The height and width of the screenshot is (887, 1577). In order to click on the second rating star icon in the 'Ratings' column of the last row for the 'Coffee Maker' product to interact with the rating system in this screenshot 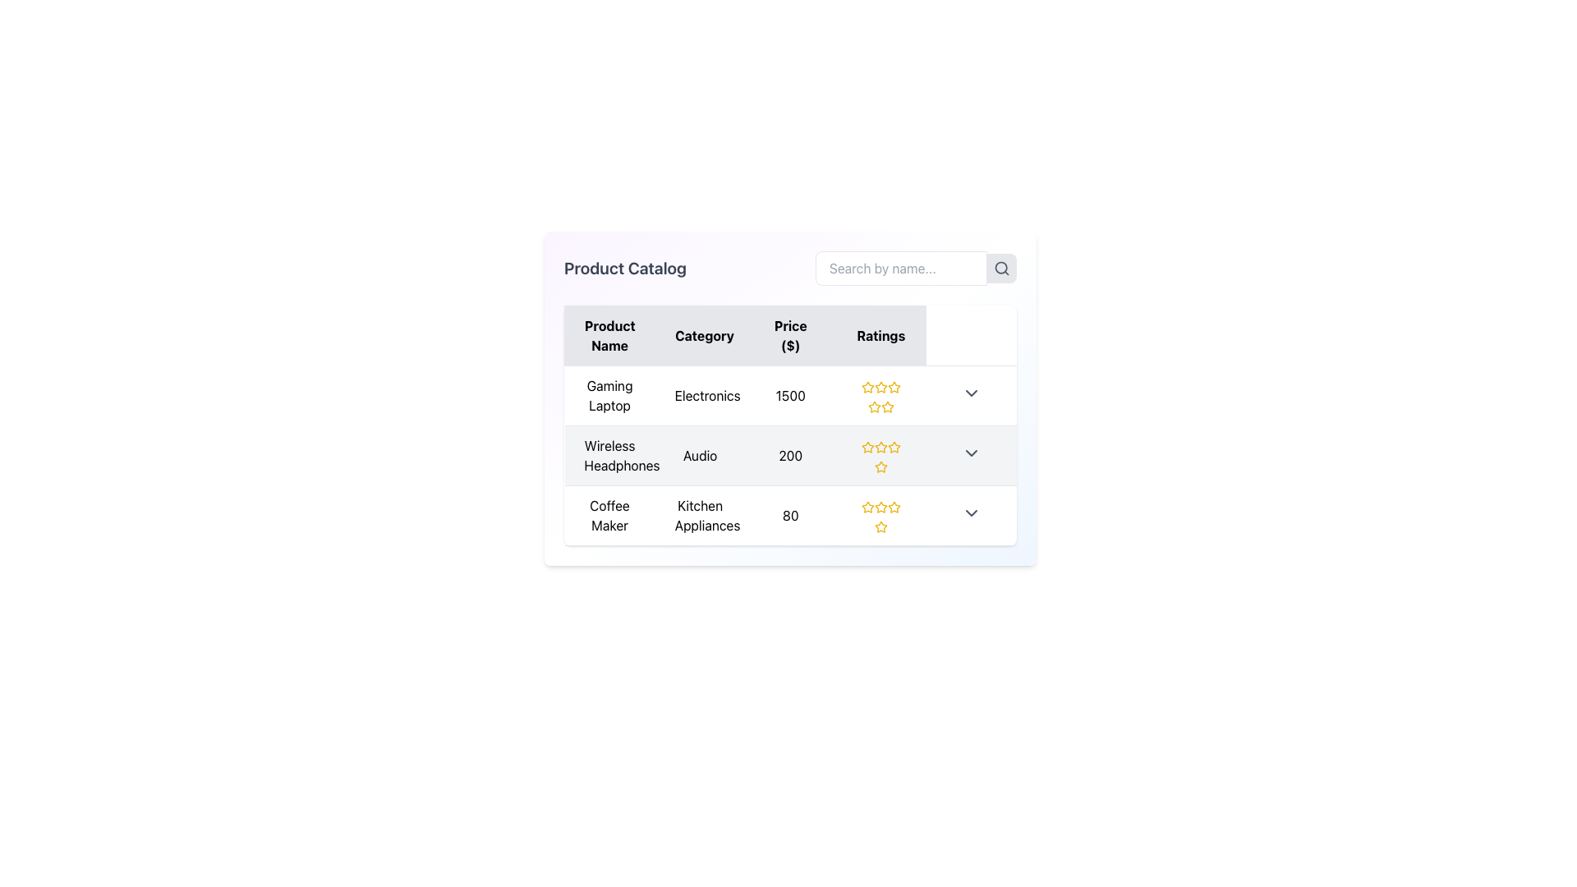, I will do `click(867, 506)`.